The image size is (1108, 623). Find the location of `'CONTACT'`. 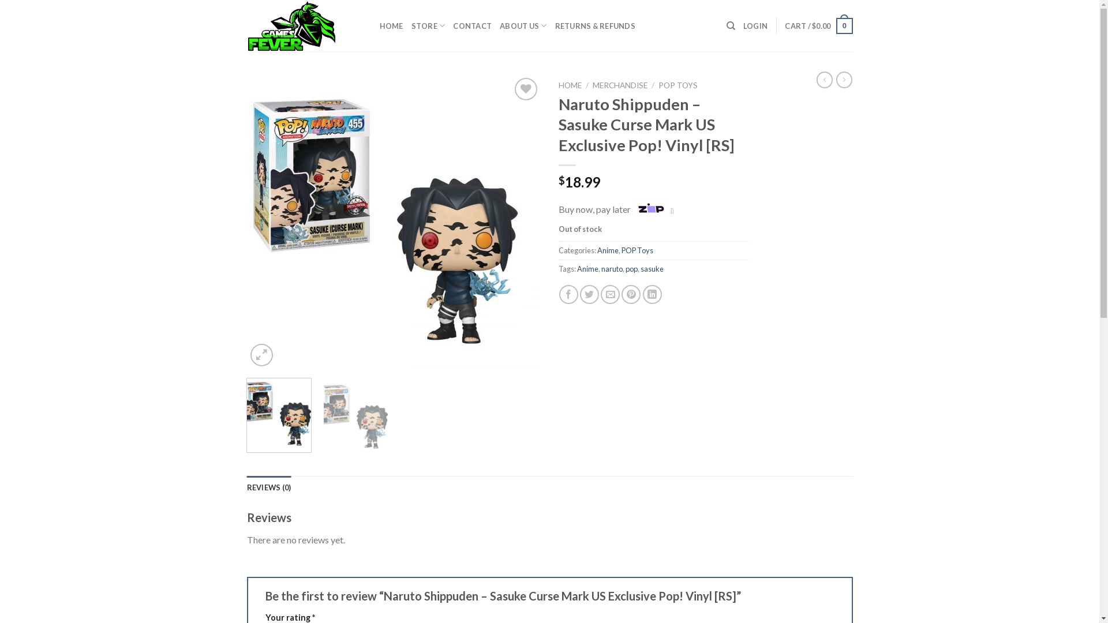

'CONTACT' is located at coordinates (472, 26).